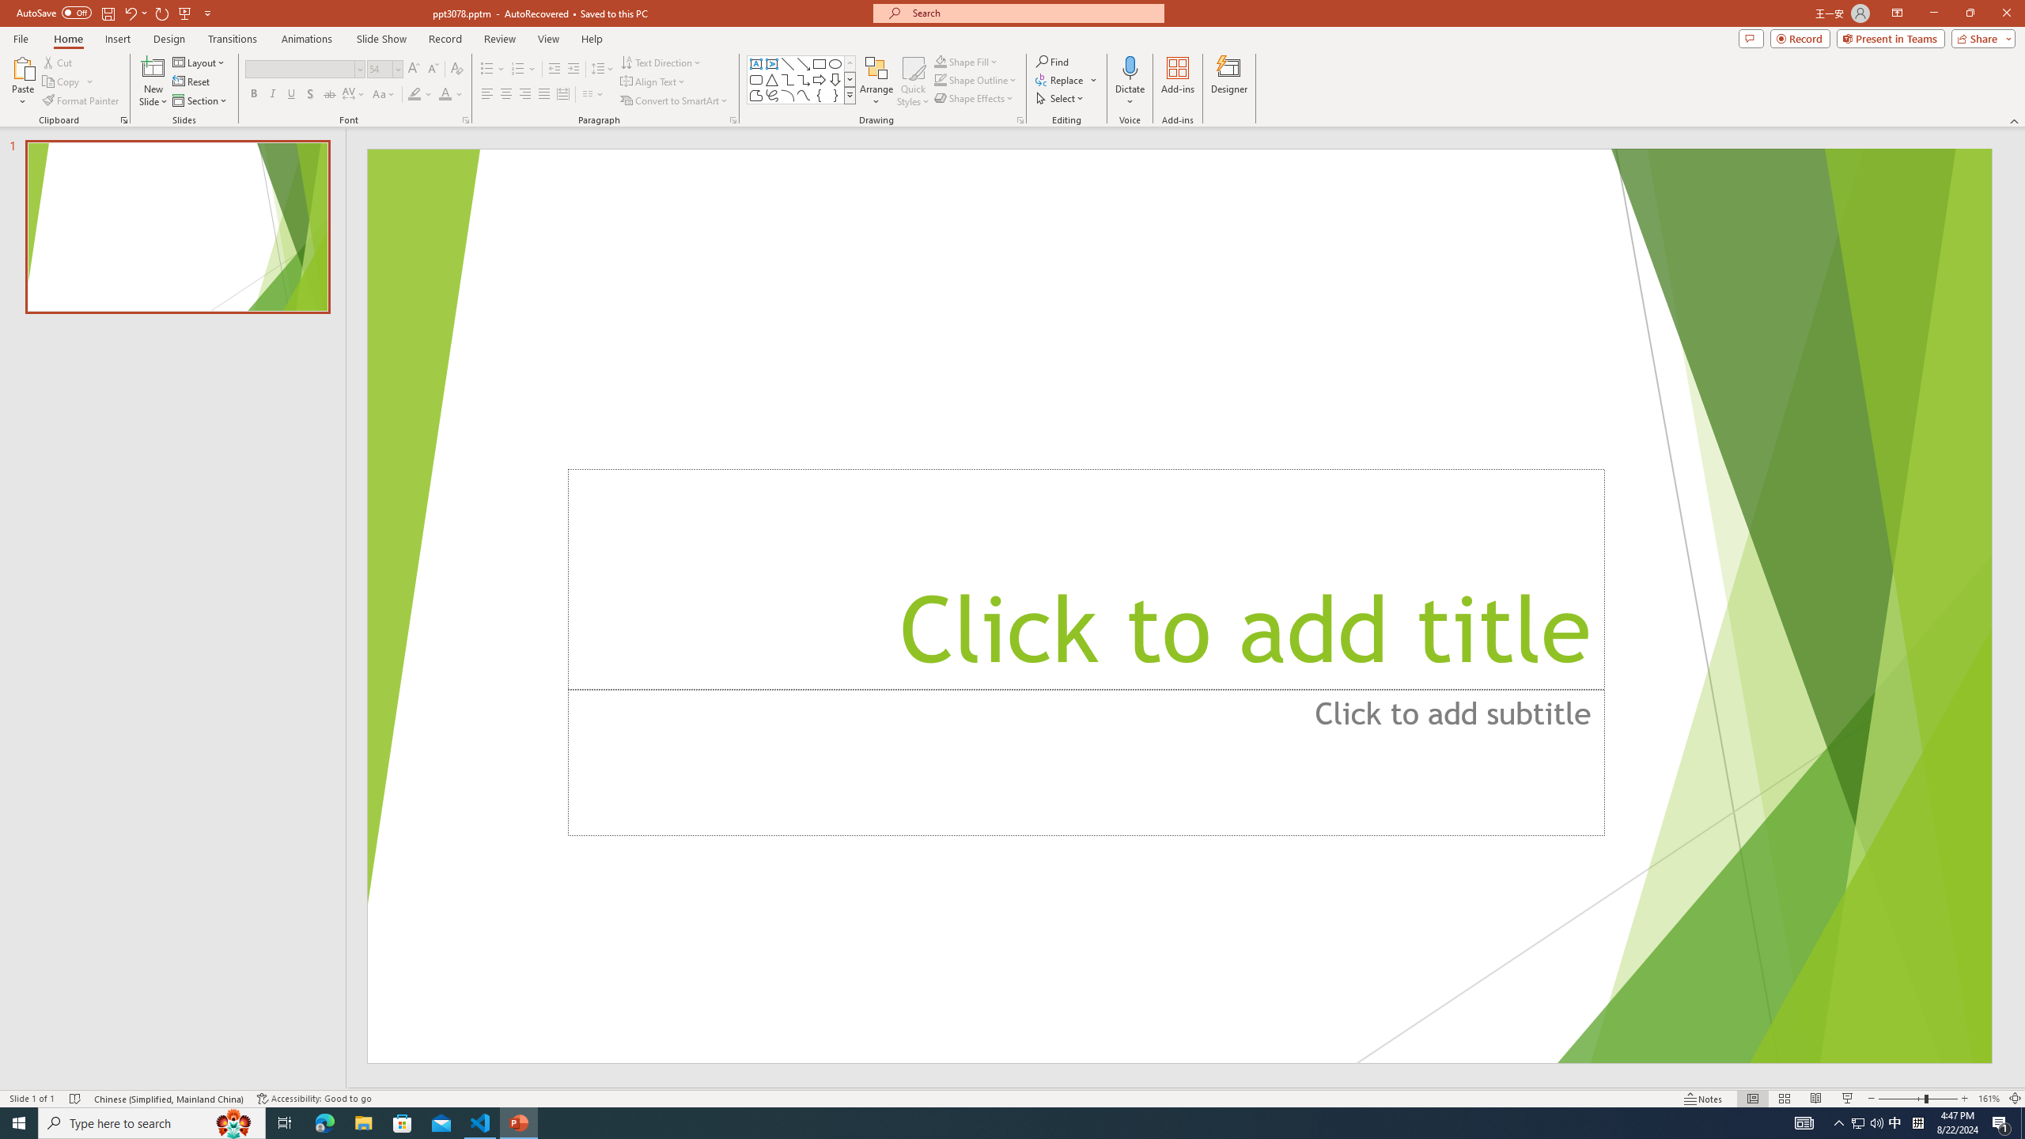 This screenshot has width=2025, height=1139. I want to click on 'Paste', so click(22, 81).